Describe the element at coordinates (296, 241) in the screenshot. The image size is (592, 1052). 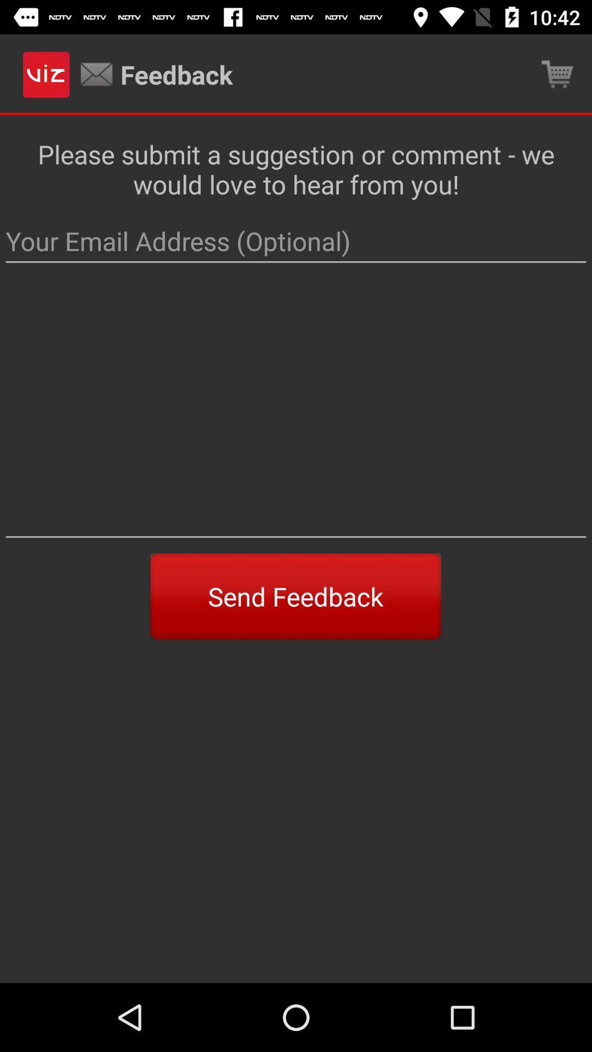
I see `the item below the please submit a icon` at that location.